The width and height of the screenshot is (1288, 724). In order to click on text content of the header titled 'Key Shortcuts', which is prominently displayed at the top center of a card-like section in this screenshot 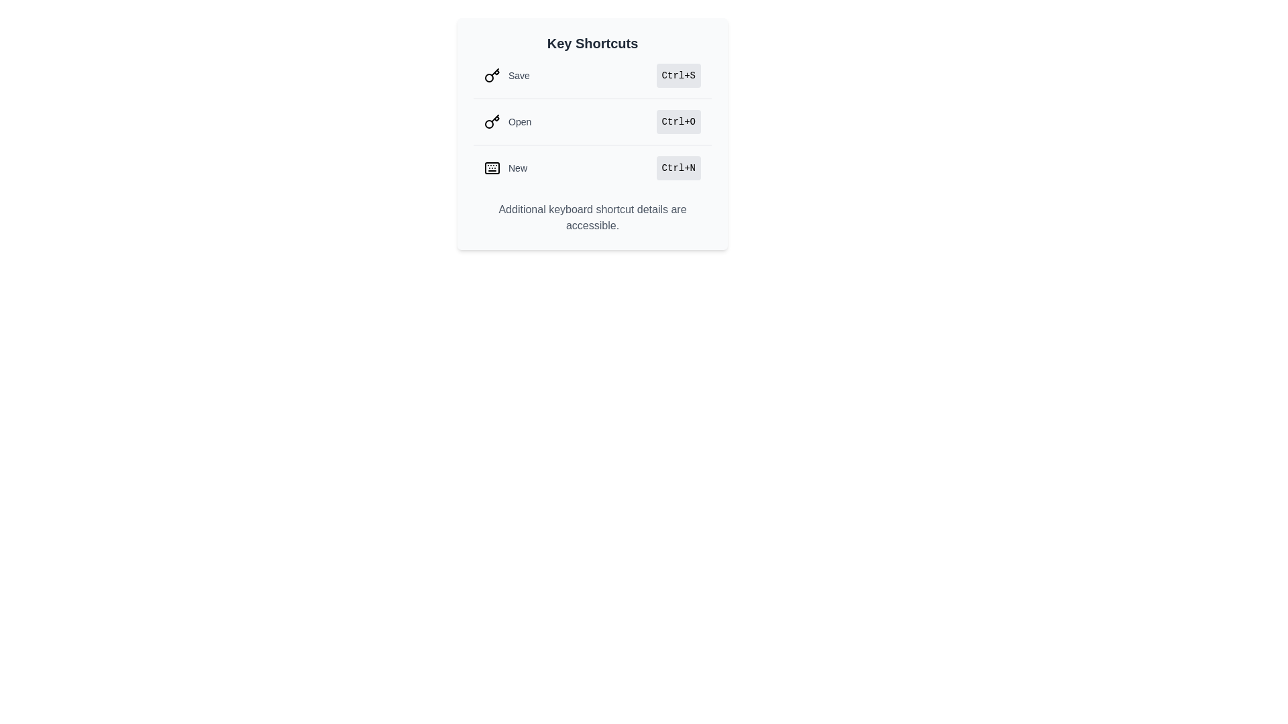, I will do `click(592, 43)`.